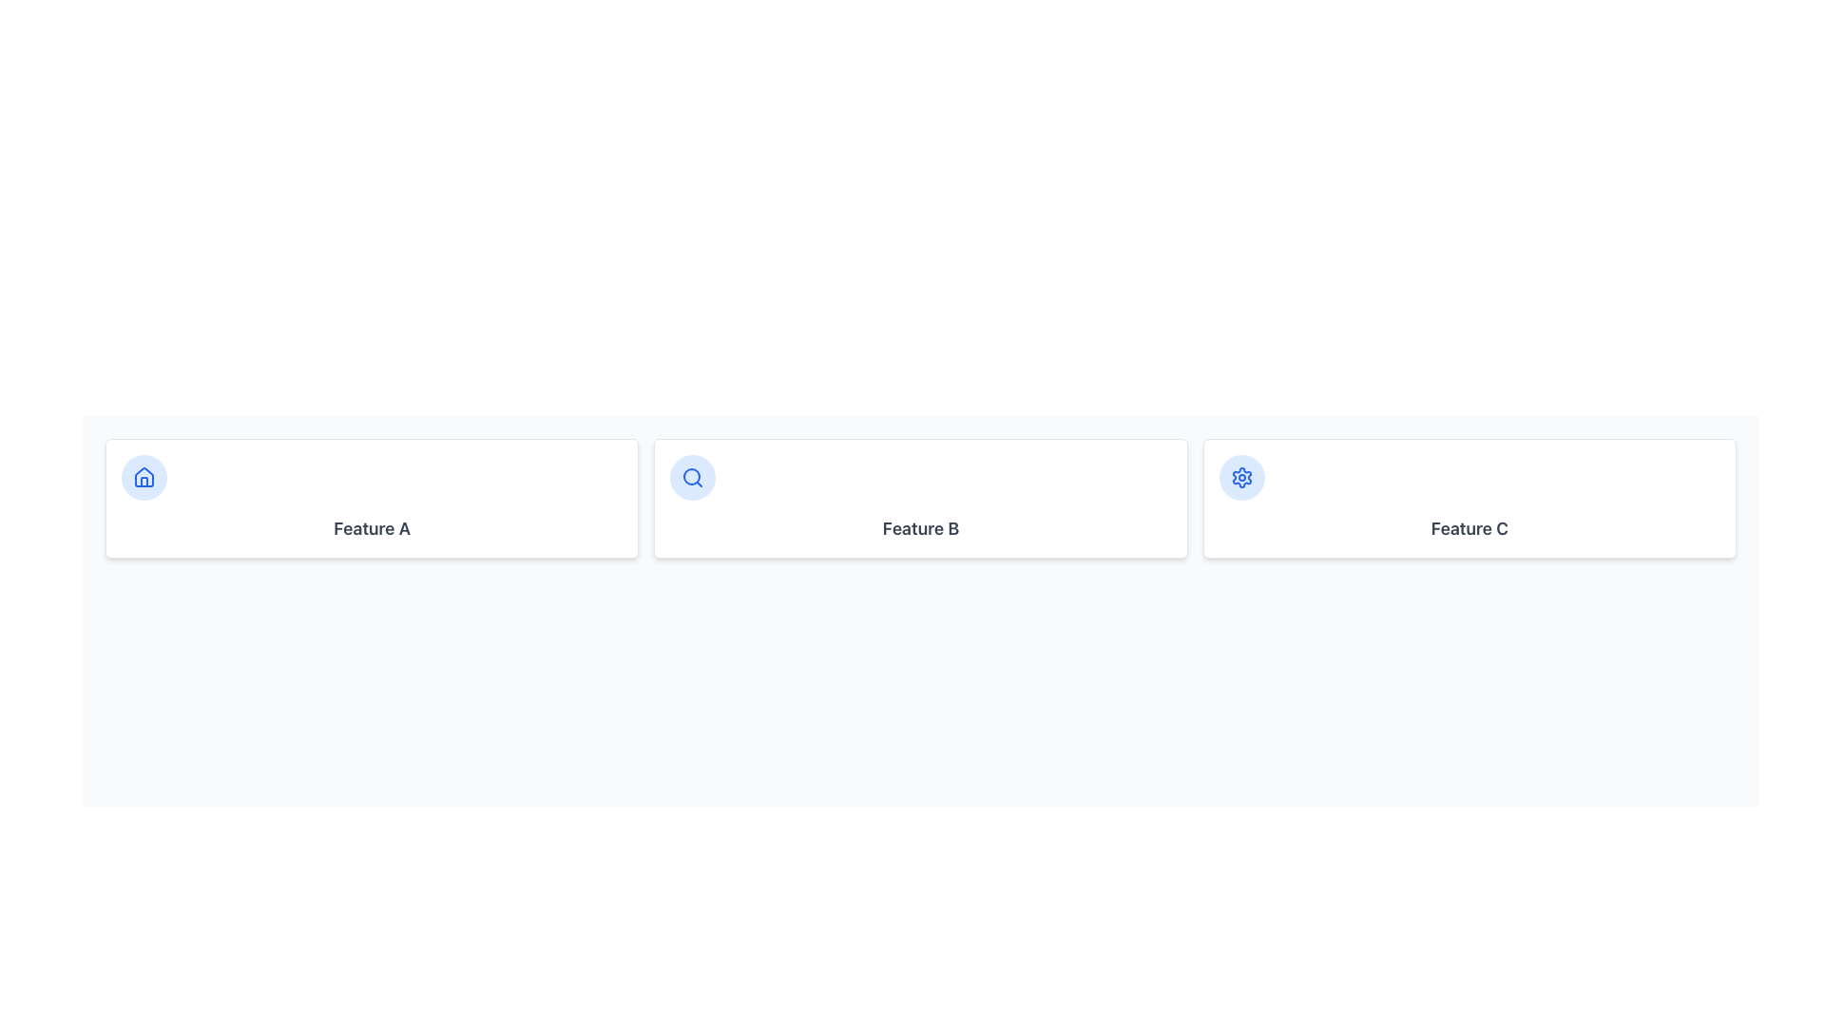  What do you see at coordinates (1241, 476) in the screenshot?
I see `the settings icon, which resembles a gear and is located within the 'Feature C' panel on the right side of the interface` at bounding box center [1241, 476].